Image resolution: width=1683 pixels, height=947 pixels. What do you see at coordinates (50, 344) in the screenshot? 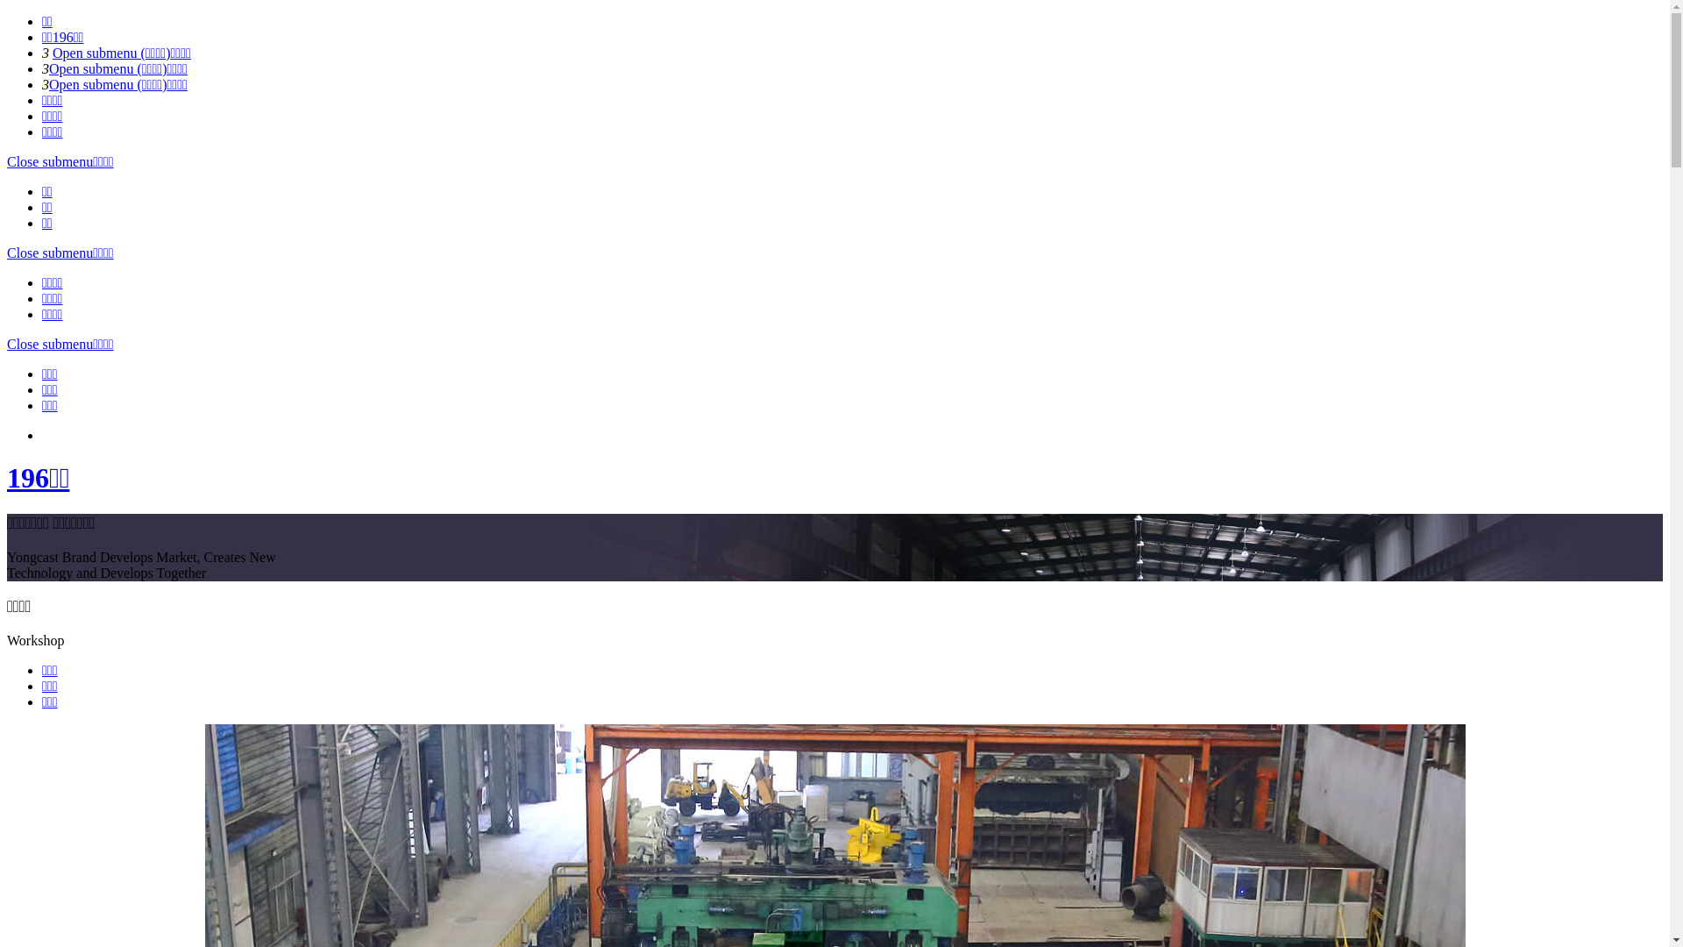
I see `'Close submenu'` at bounding box center [50, 344].